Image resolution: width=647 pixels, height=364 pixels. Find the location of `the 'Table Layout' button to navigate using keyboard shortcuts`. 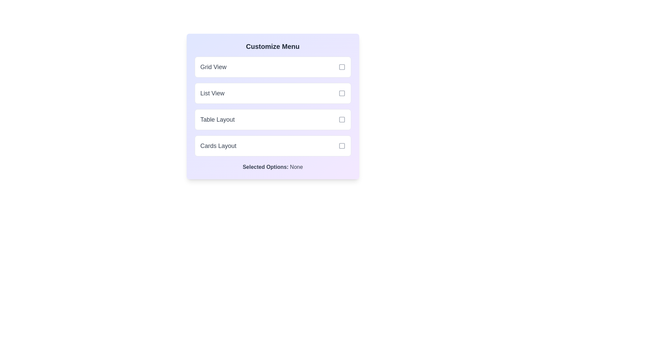

the 'Table Layout' button to navigate using keyboard shortcuts is located at coordinates (273, 106).